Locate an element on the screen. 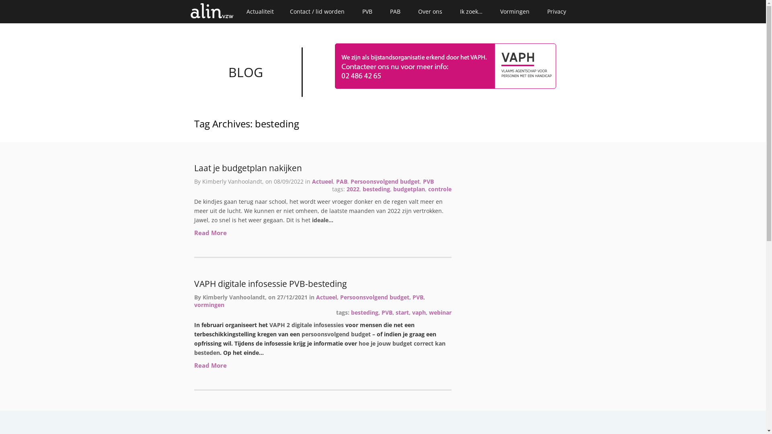  'webinar' is located at coordinates (439, 312).